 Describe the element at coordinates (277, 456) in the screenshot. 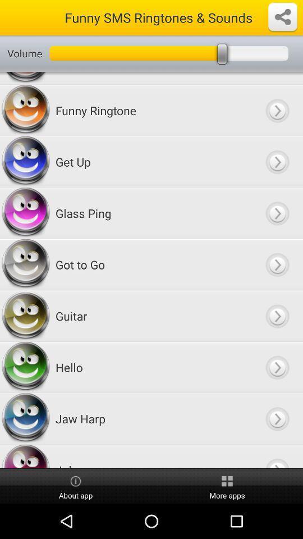

I see `next` at that location.